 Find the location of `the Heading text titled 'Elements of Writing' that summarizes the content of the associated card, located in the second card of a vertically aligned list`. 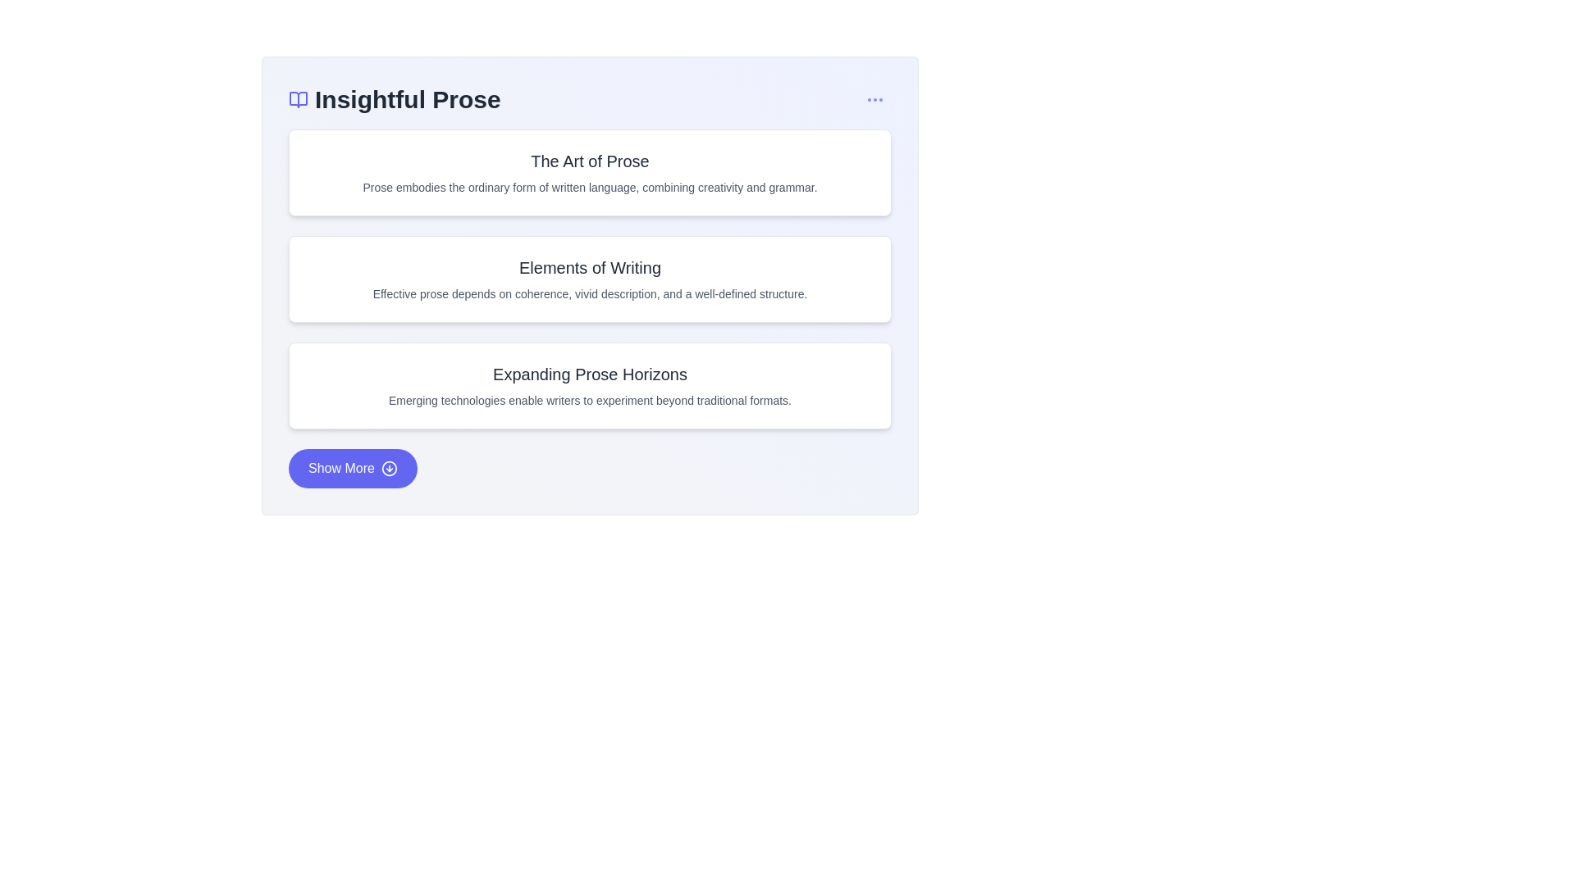

the Heading text titled 'Elements of Writing' that summarizes the content of the associated card, located in the second card of a vertically aligned list is located at coordinates (590, 267).